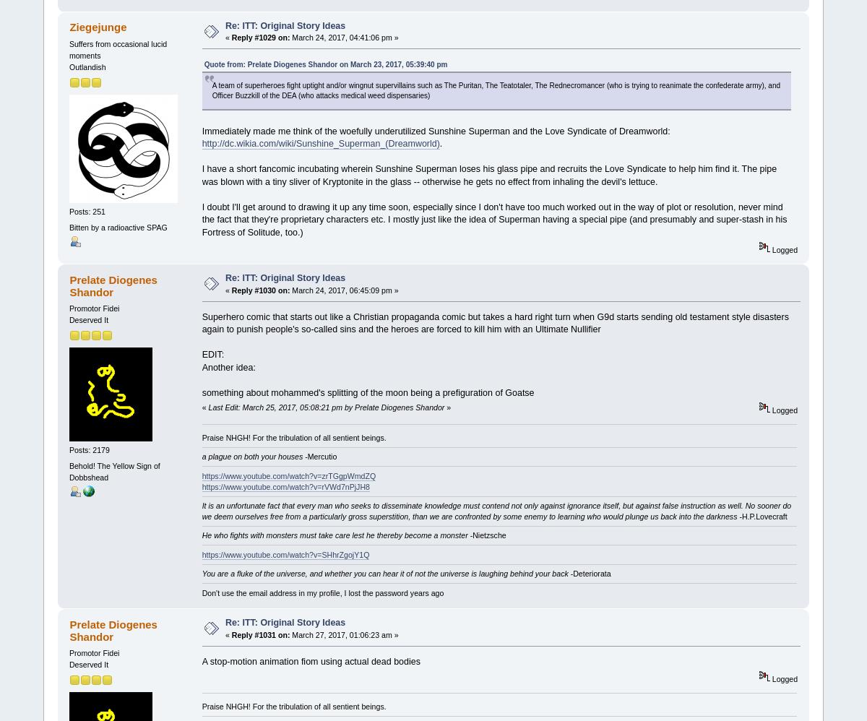 The image size is (867, 721). I want to click on 'Ziegejunge', so click(98, 27).